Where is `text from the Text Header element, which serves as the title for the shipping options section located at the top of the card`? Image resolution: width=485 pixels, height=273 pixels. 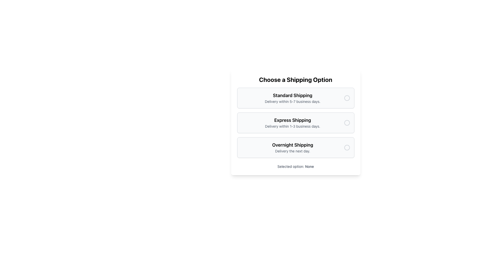 text from the Text Header element, which serves as the title for the shipping options section located at the top of the card is located at coordinates (296, 80).